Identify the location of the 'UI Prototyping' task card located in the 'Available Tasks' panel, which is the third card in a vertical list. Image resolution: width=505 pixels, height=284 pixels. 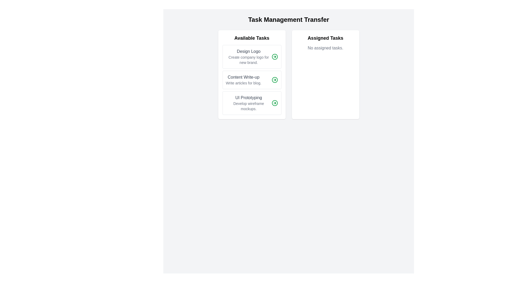
(251, 103).